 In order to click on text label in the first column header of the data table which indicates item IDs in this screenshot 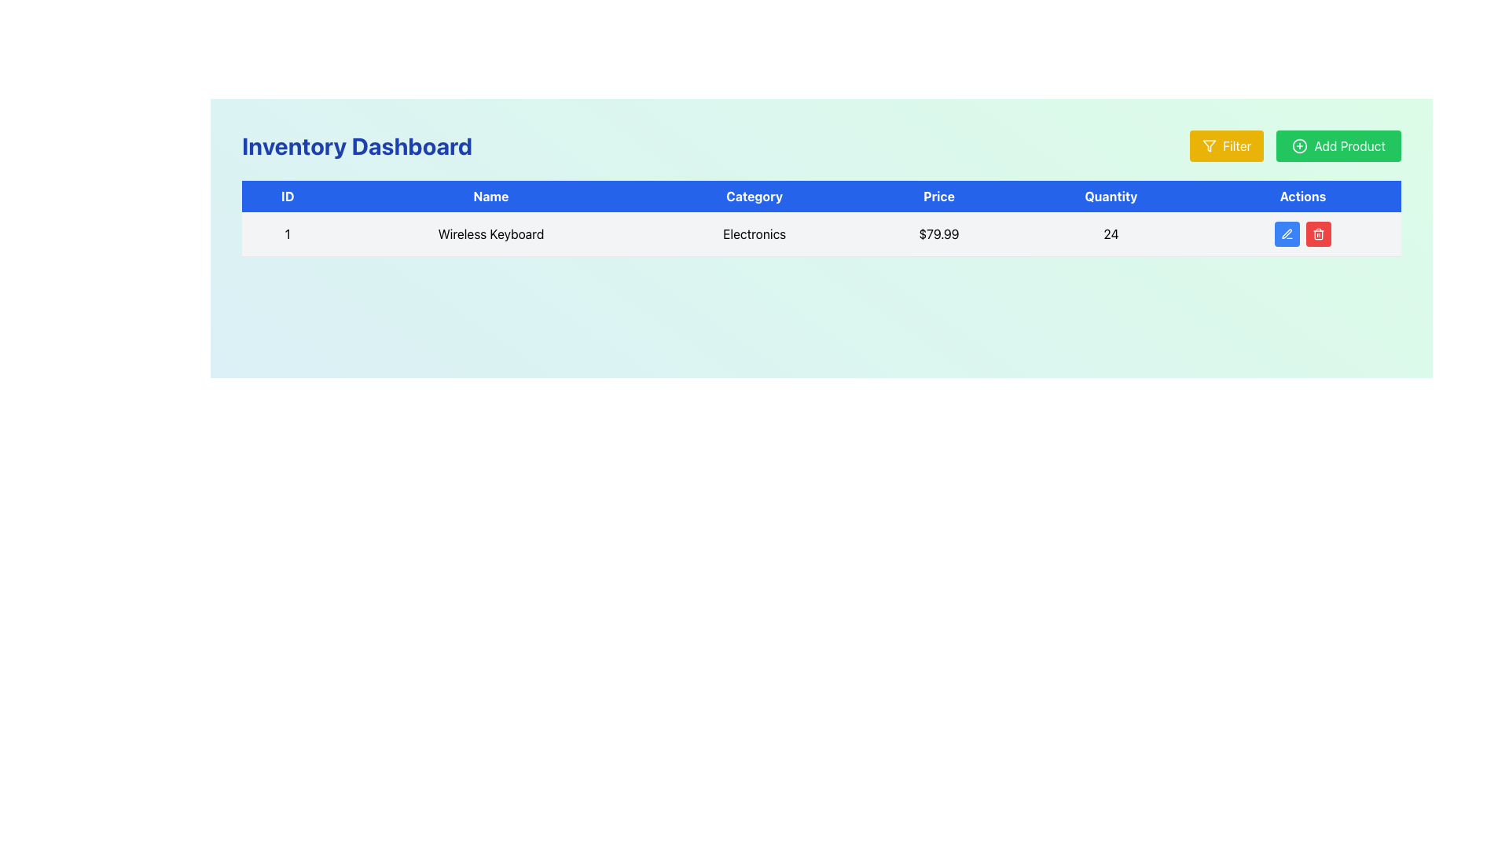, I will do `click(288, 196)`.